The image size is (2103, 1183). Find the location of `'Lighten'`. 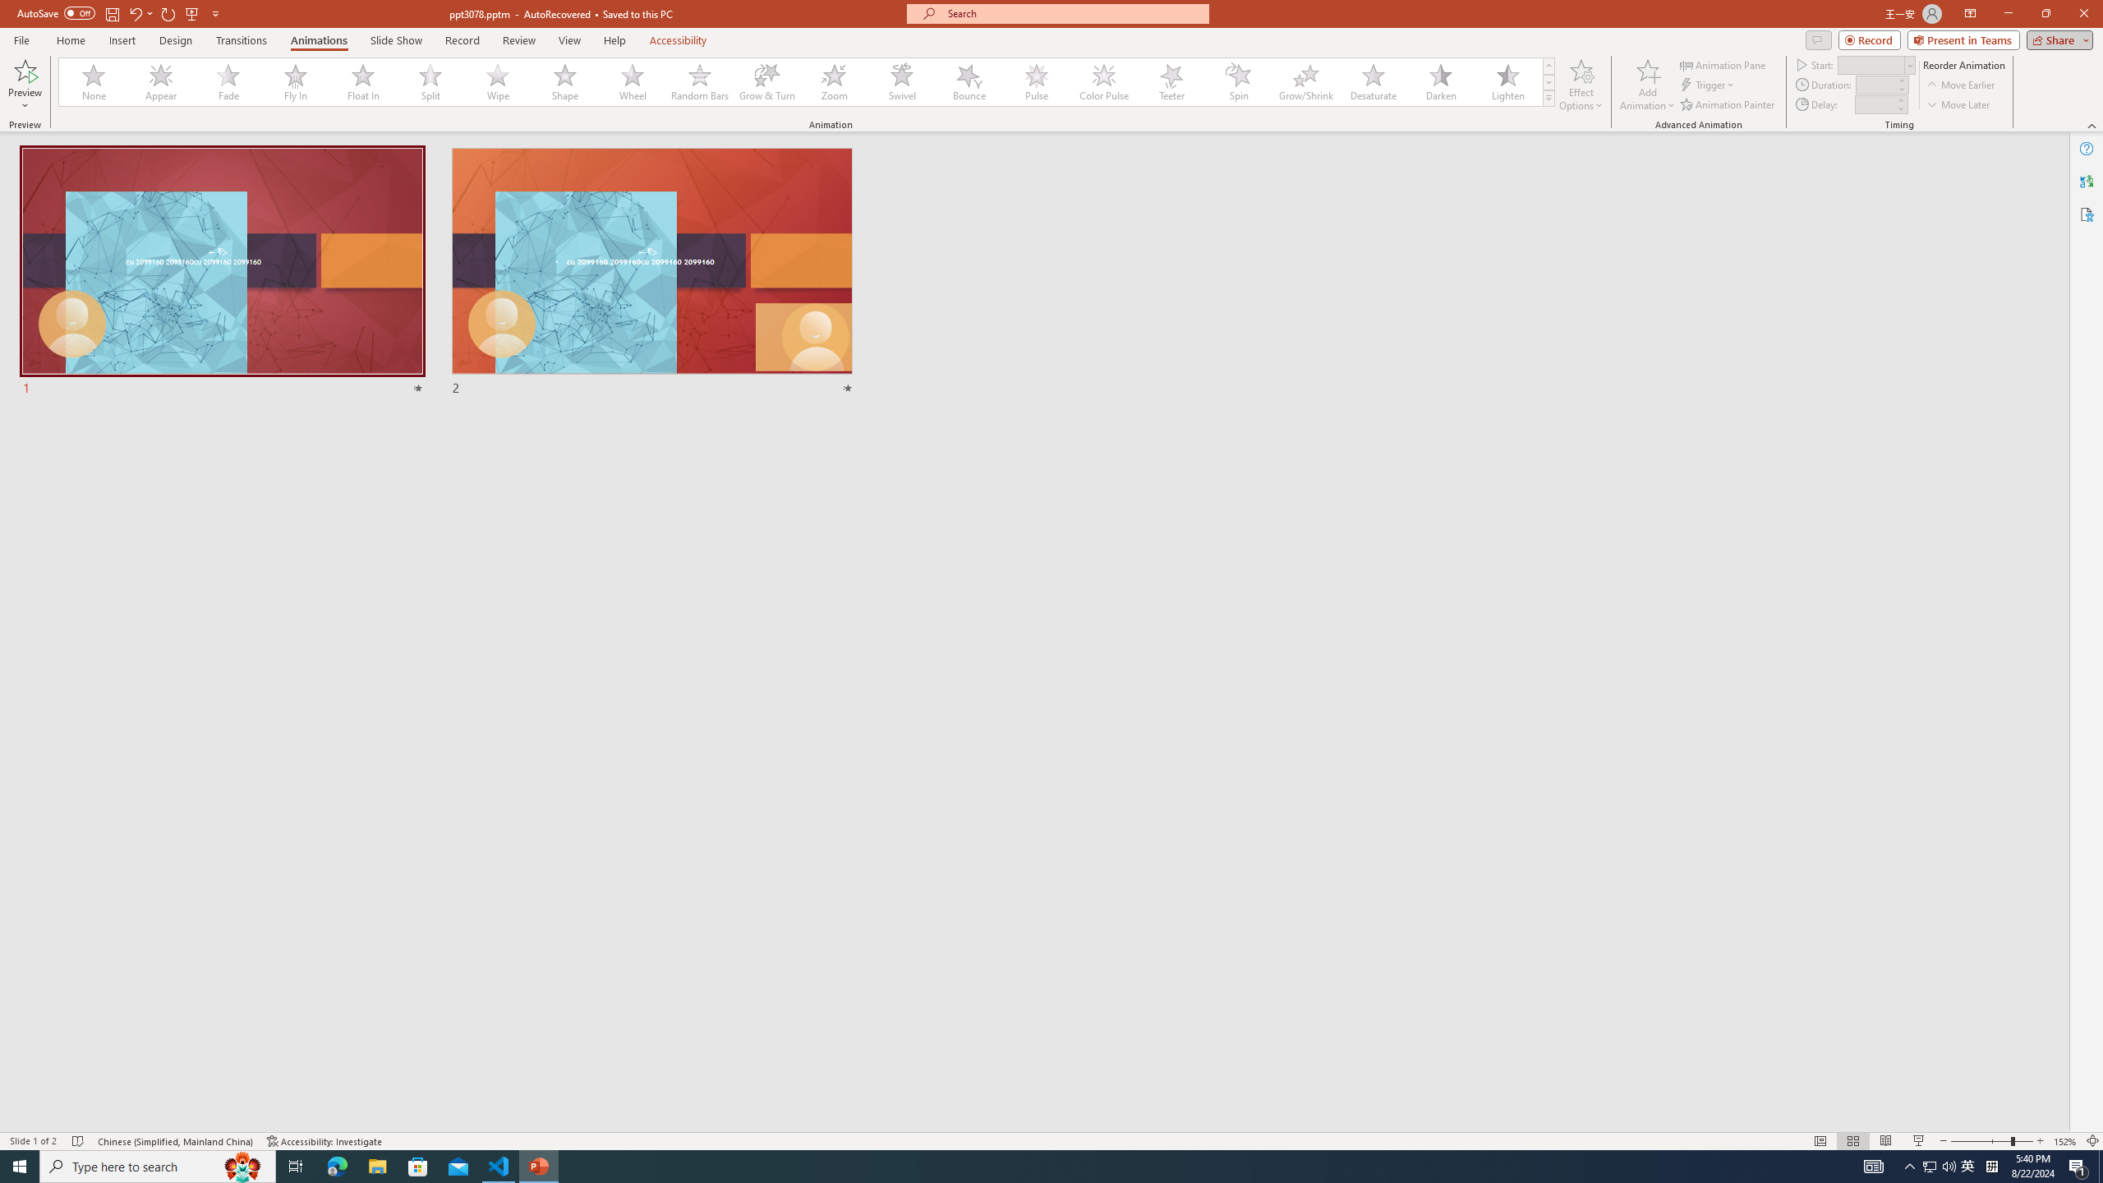

'Lighten' is located at coordinates (1507, 81).